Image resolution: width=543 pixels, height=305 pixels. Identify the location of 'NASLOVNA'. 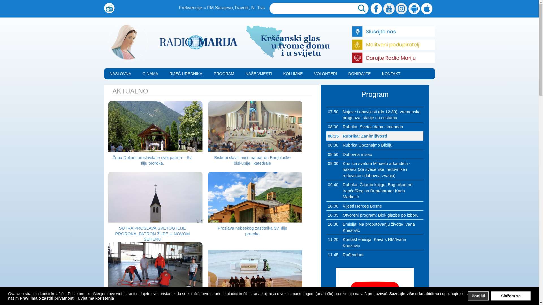
(120, 73).